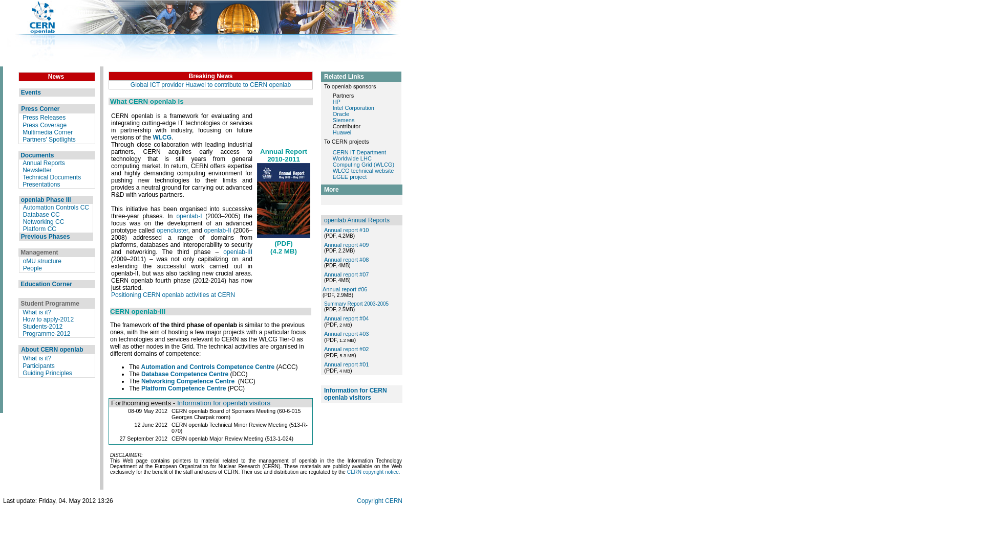  What do you see at coordinates (344, 120) in the screenshot?
I see `'Siemens'` at bounding box center [344, 120].